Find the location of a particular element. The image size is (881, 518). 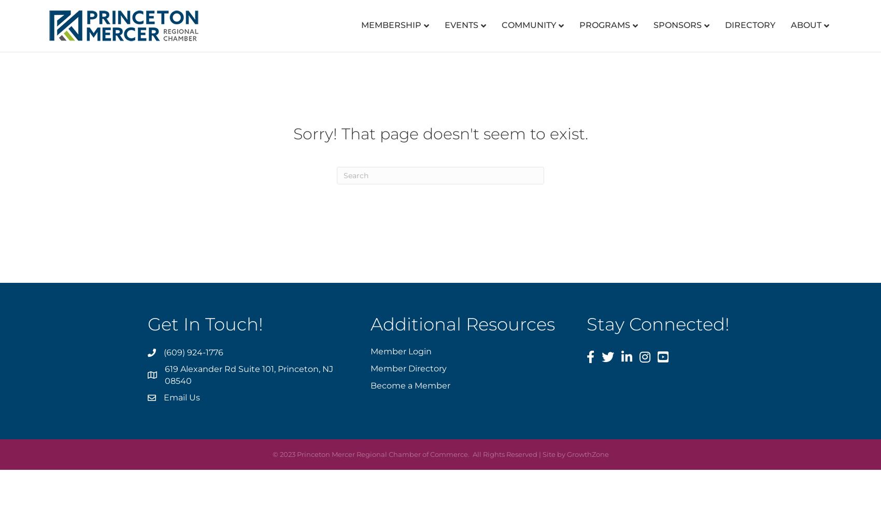

'Princeton Mercer Regional Chamber of Commerce.' is located at coordinates (382, 454).